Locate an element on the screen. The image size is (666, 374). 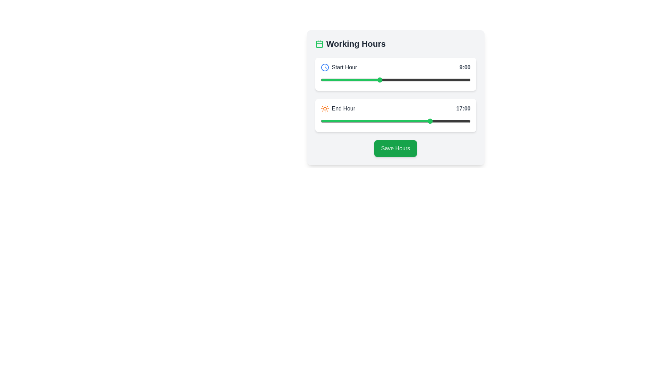
the start hour is located at coordinates (437, 80).